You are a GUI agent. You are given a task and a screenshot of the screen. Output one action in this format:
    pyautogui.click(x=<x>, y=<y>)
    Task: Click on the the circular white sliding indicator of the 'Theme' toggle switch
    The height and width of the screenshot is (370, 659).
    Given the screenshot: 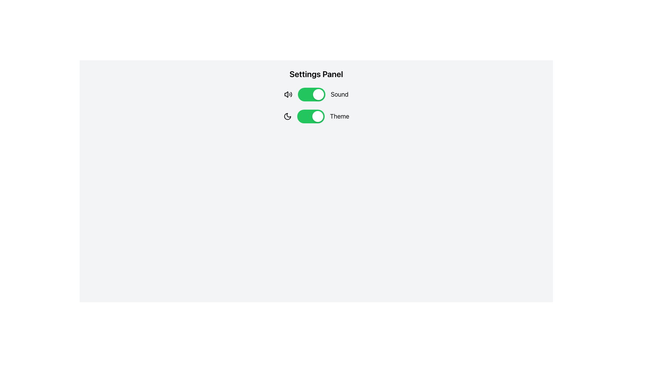 What is the action you would take?
    pyautogui.click(x=293, y=116)
    